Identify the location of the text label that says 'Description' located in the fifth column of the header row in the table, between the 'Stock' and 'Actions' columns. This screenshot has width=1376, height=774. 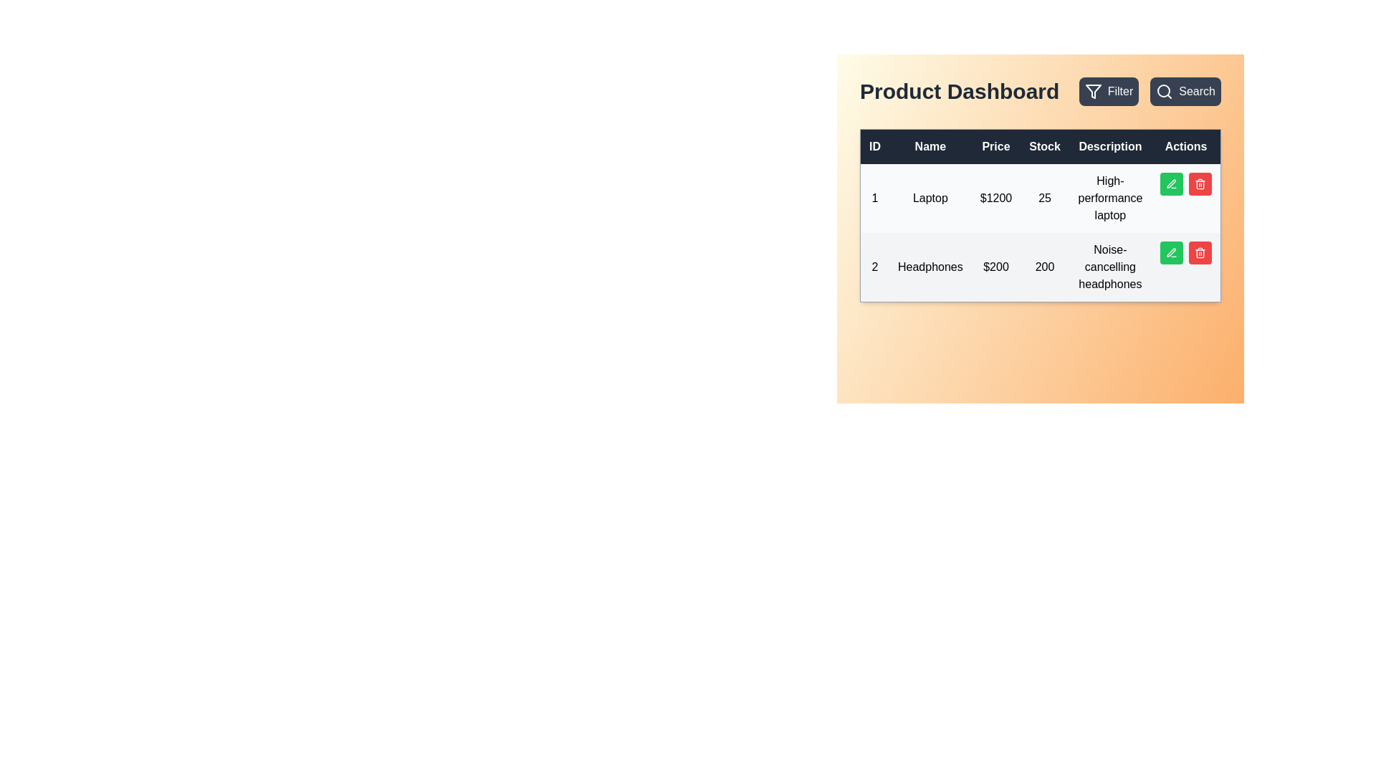
(1109, 146).